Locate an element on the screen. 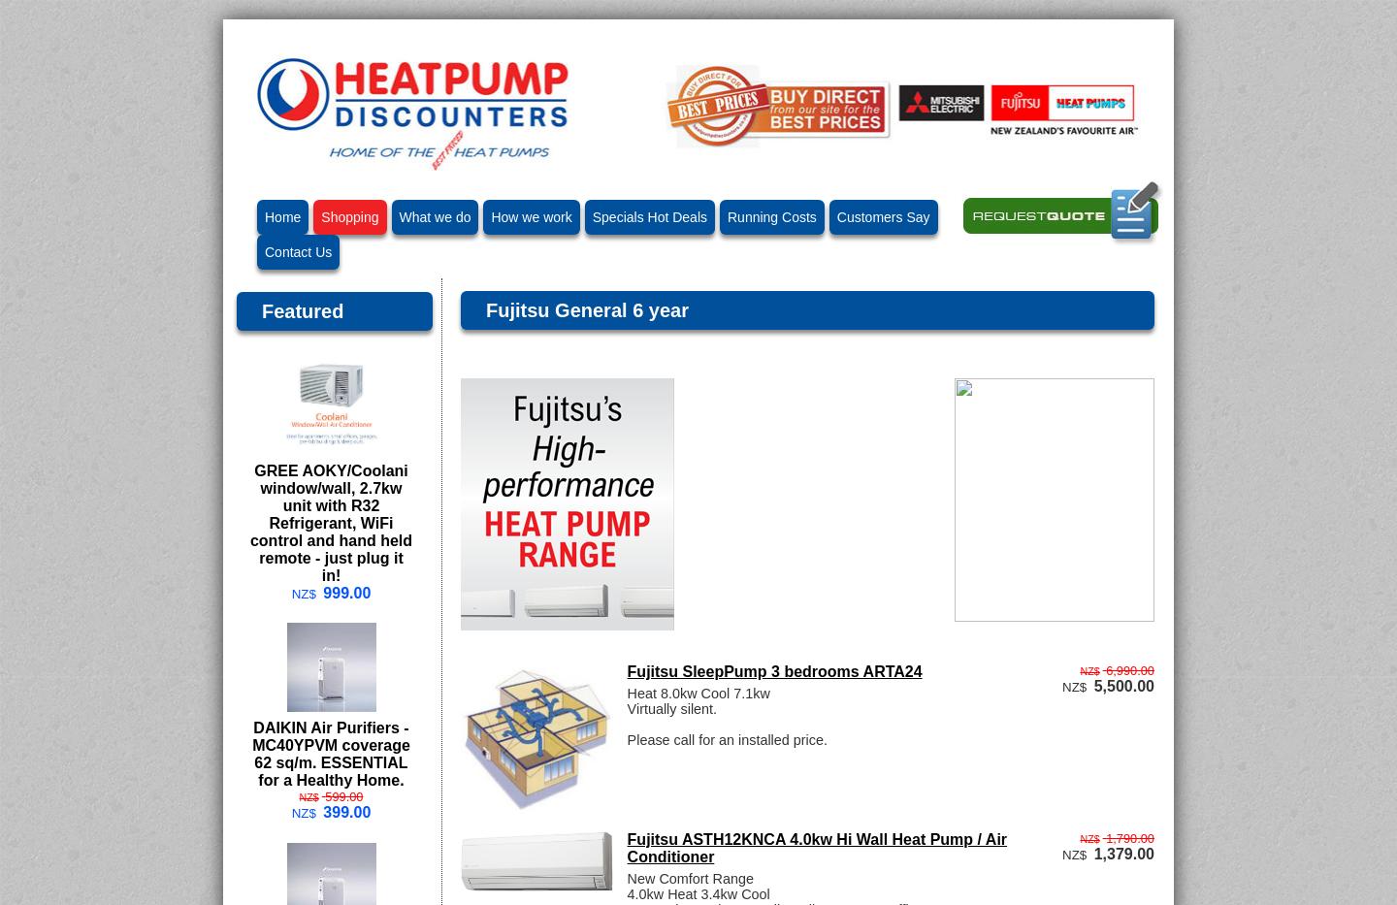 This screenshot has height=905, width=1397. '1,379.00' is located at coordinates (1123, 852).